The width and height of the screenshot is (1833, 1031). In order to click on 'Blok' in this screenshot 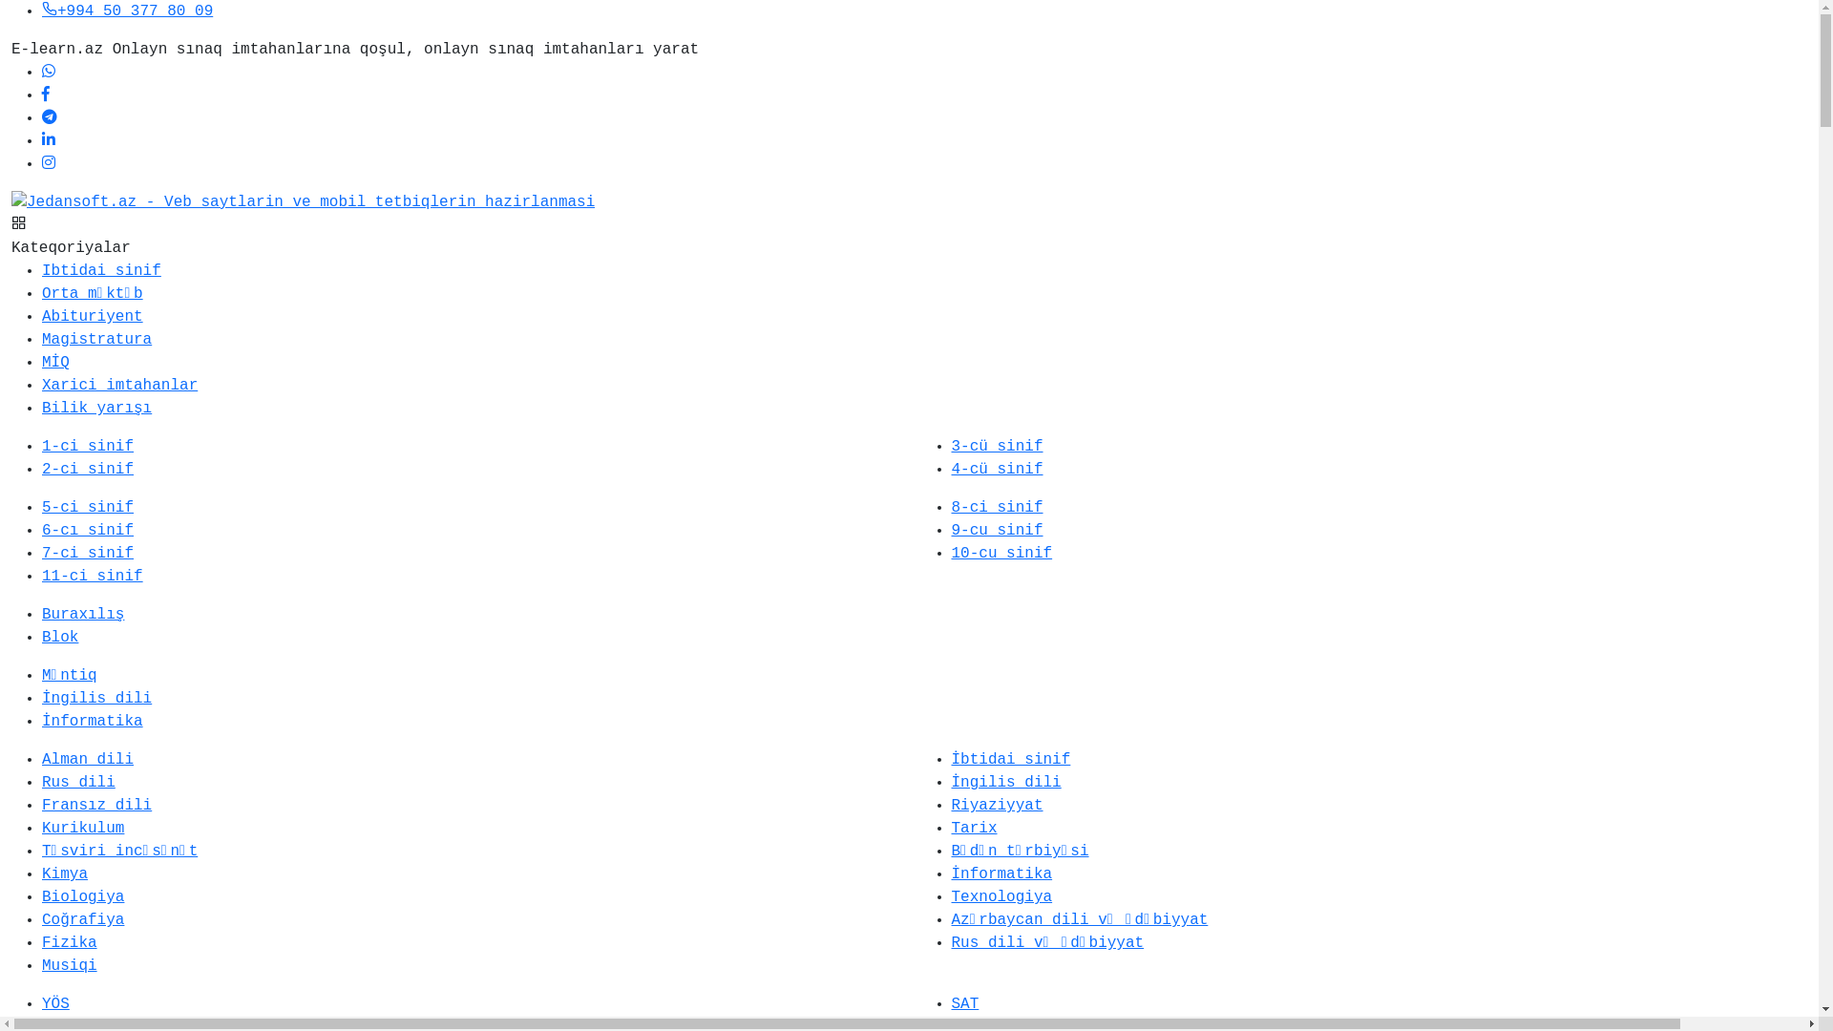, I will do `click(59, 637)`.